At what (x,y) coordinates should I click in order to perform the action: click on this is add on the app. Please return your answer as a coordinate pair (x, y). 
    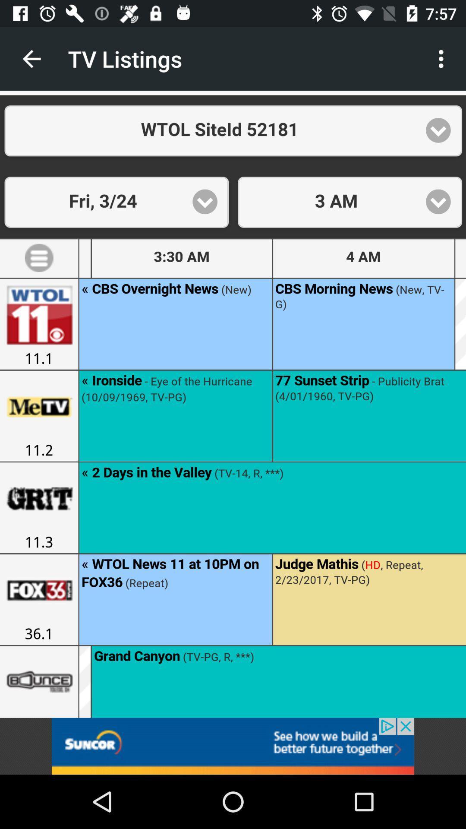
    Looking at the image, I should click on (233, 746).